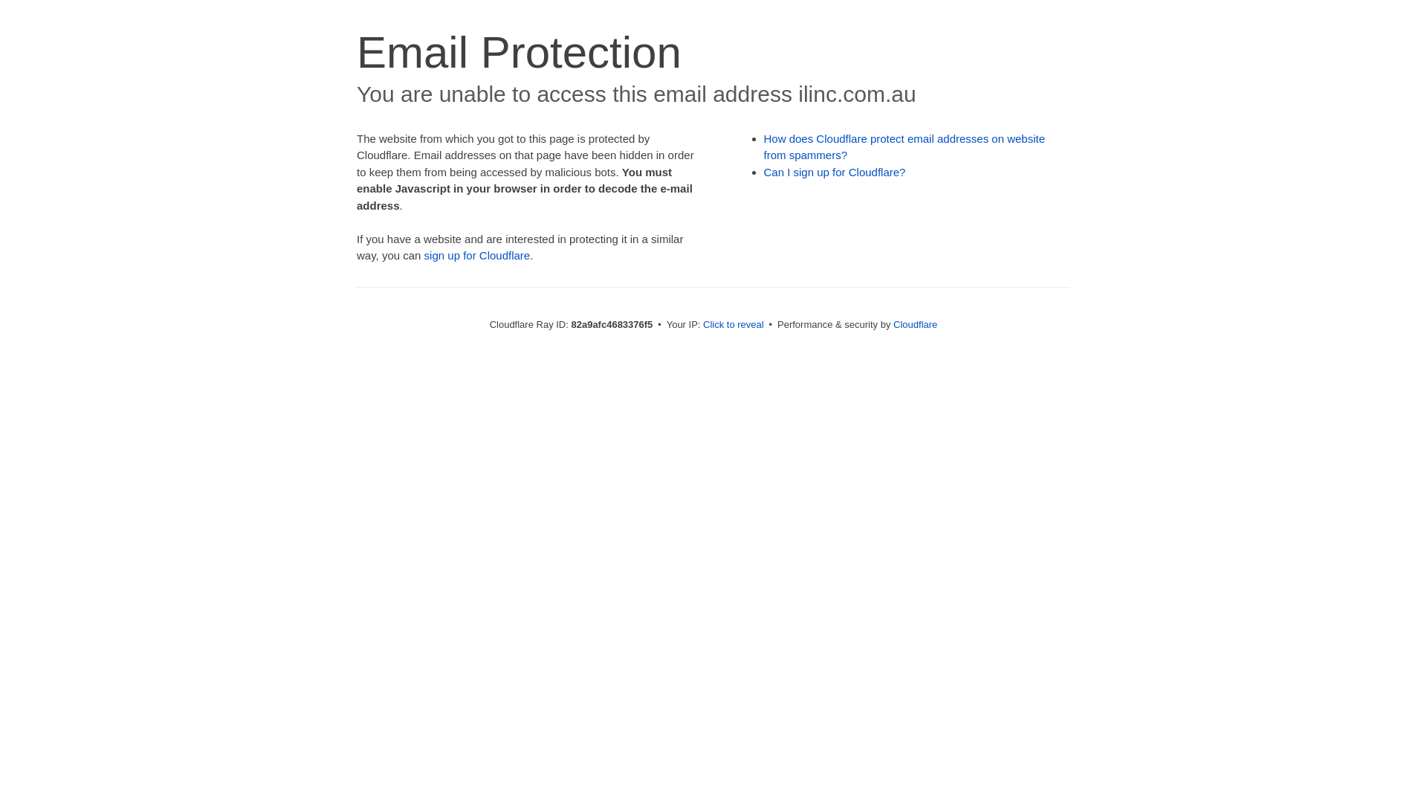 The height and width of the screenshot is (803, 1427). Describe the element at coordinates (477, 254) in the screenshot. I see `'sign up for Cloudflare'` at that location.